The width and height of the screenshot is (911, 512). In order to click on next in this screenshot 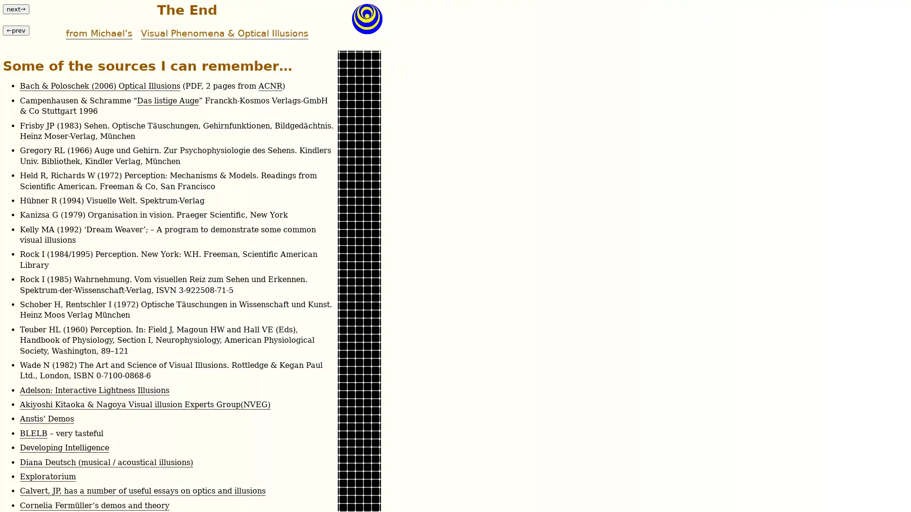, I will do `click(16, 9)`.